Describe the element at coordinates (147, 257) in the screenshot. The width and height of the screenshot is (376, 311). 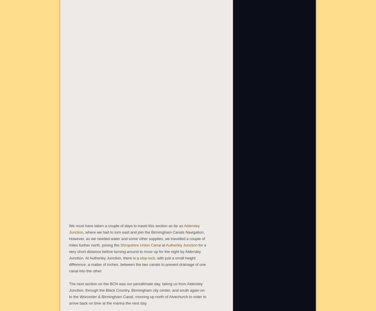
I see `'stop lock'` at that location.